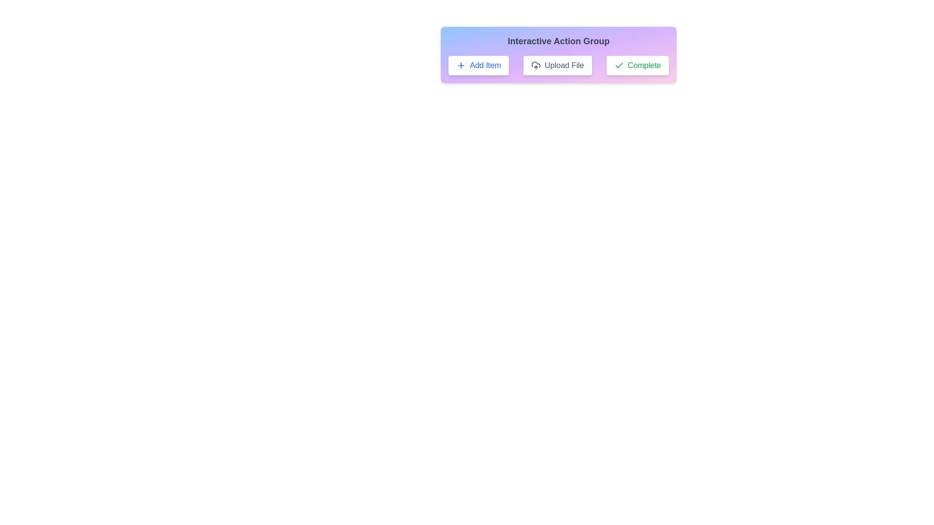 Image resolution: width=934 pixels, height=525 pixels. What do you see at coordinates (535, 66) in the screenshot?
I see `the upload icon located on the left side of the 'Upload File' button within the 'Interactive Action Group'` at bounding box center [535, 66].